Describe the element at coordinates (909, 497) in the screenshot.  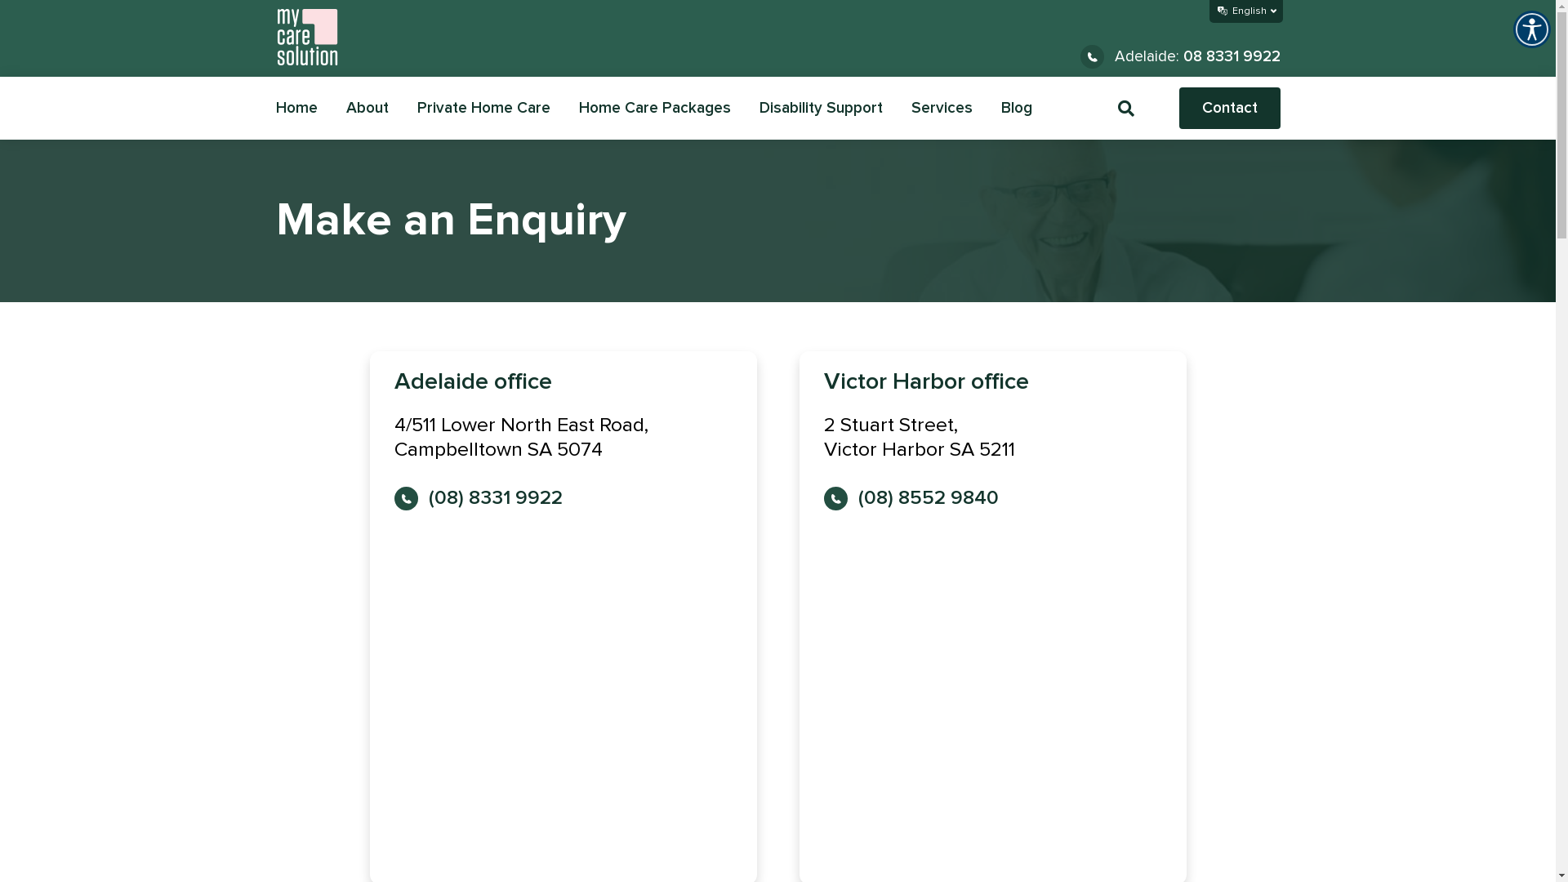
I see `'(08) 8552 9840'` at that location.